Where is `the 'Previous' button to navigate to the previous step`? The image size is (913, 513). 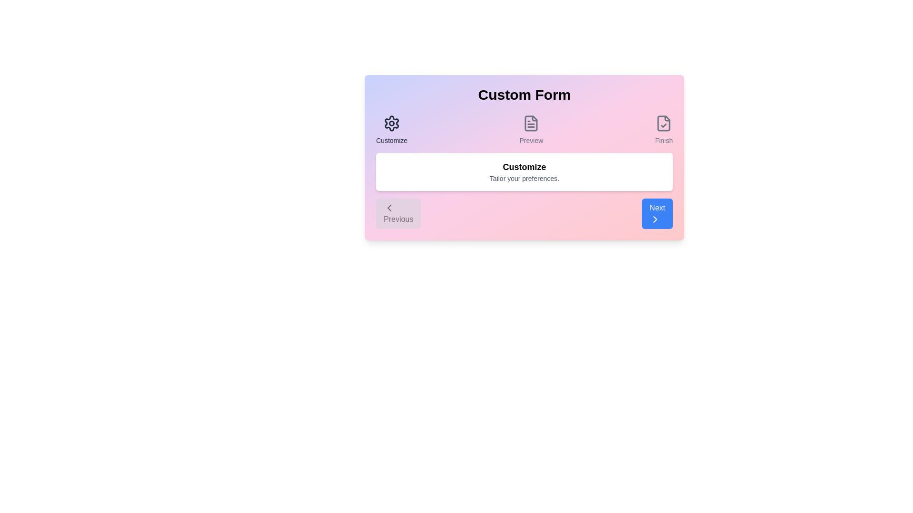 the 'Previous' button to navigate to the previous step is located at coordinates (398, 214).